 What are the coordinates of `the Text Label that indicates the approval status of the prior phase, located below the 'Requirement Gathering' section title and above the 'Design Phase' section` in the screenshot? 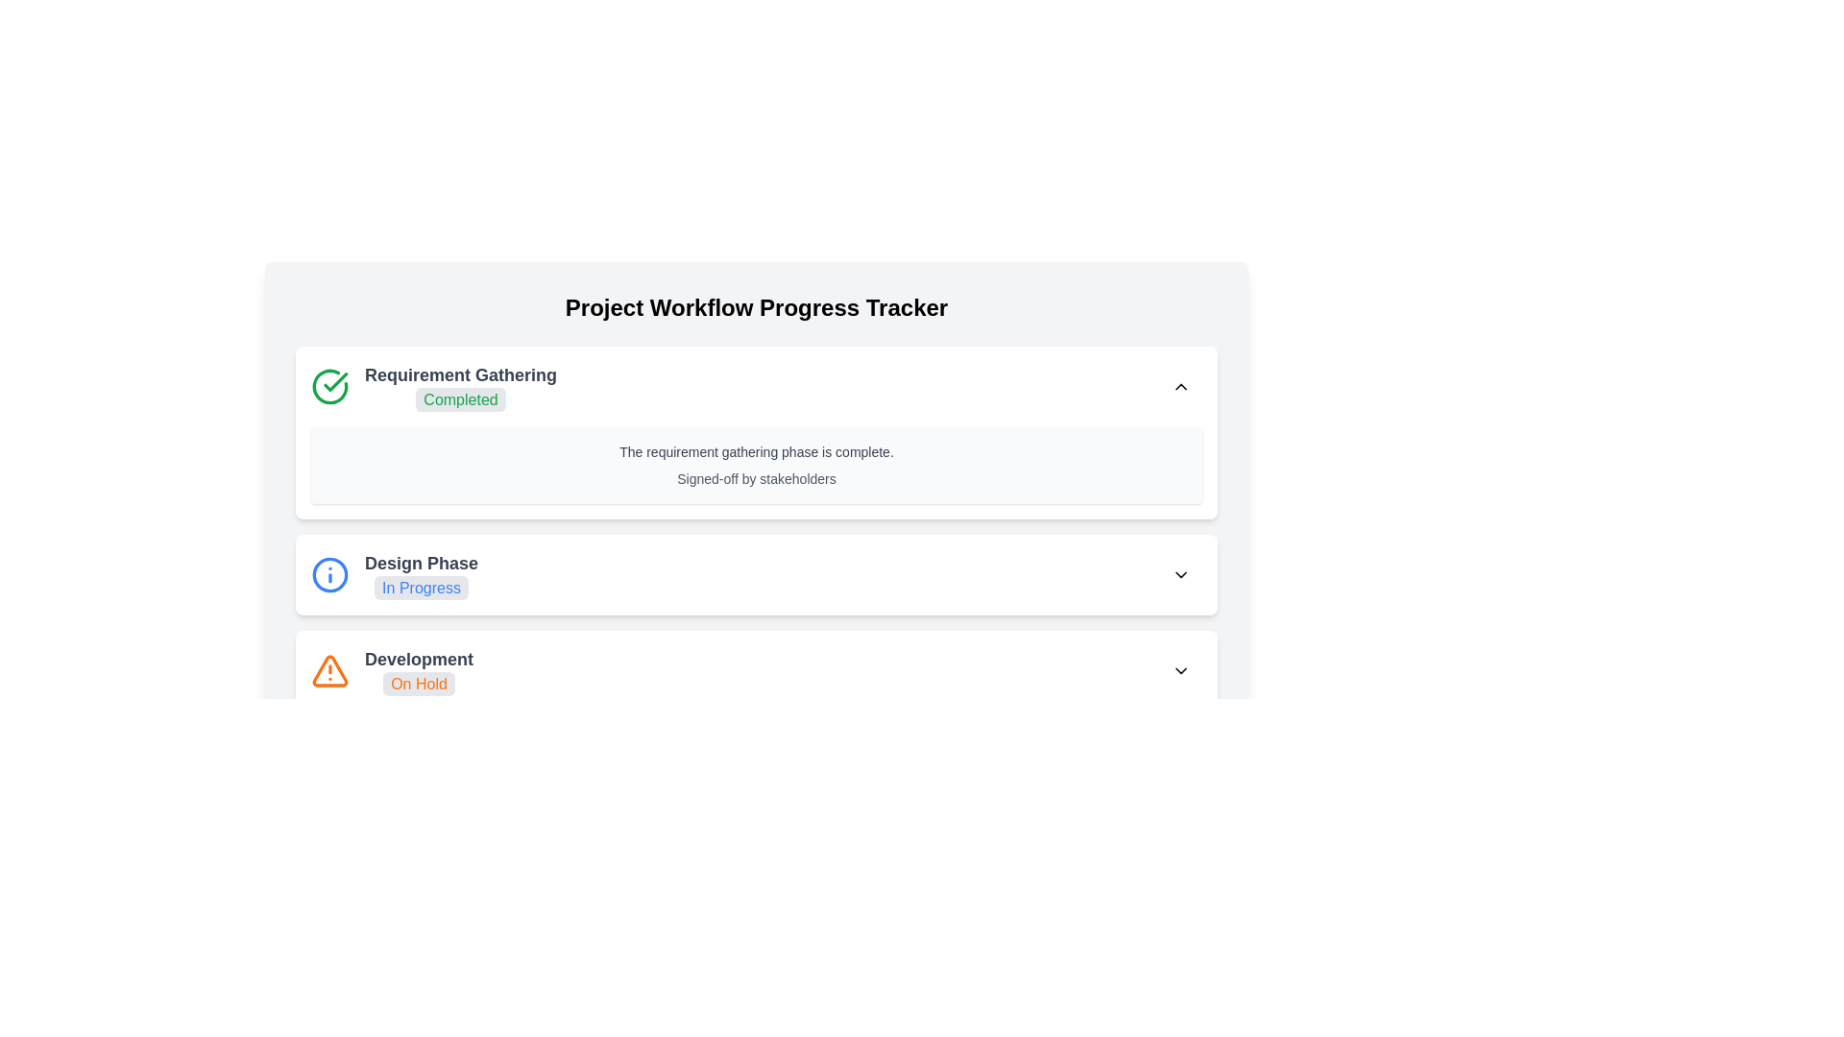 It's located at (755, 477).